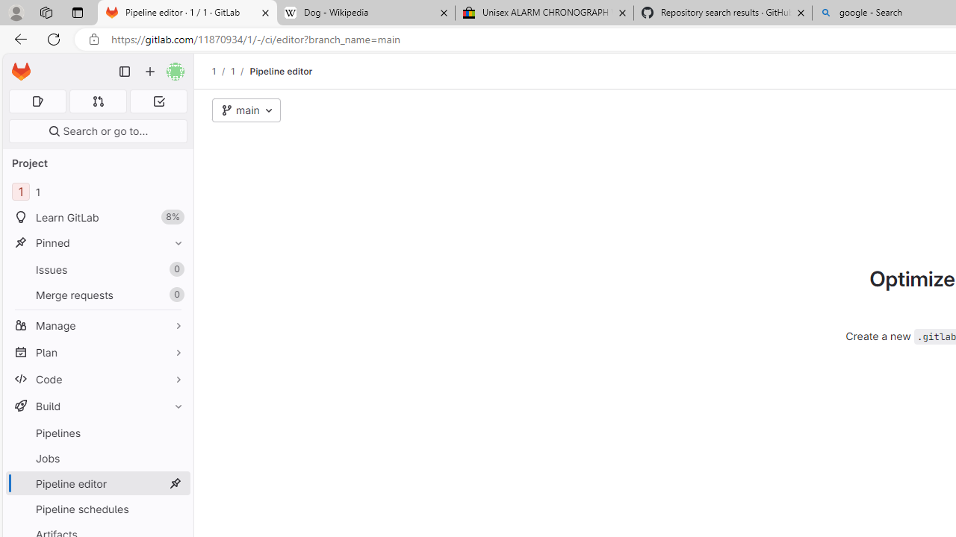 This screenshot has width=956, height=537. I want to click on 'Pipelines', so click(97, 433).